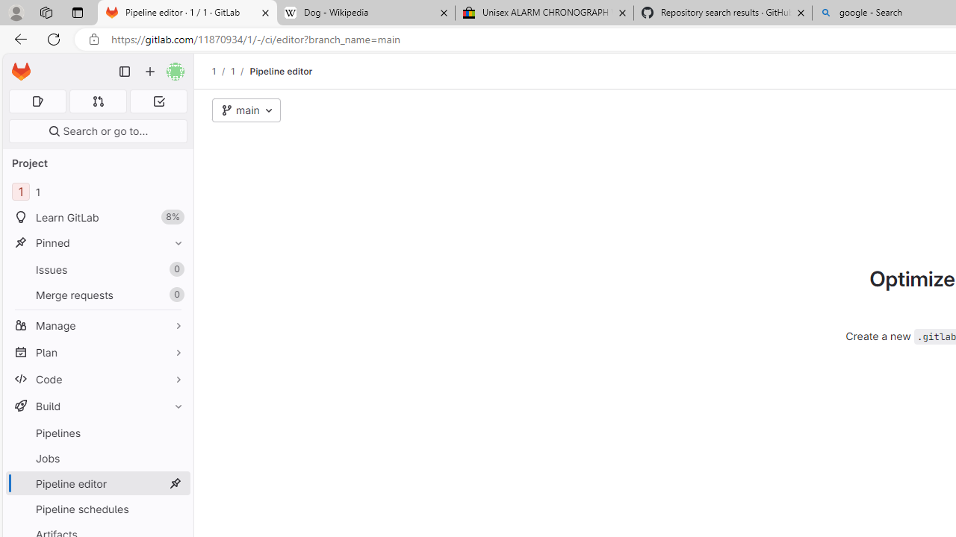 This screenshot has width=956, height=537. I want to click on 'Pipelines', so click(97, 433).